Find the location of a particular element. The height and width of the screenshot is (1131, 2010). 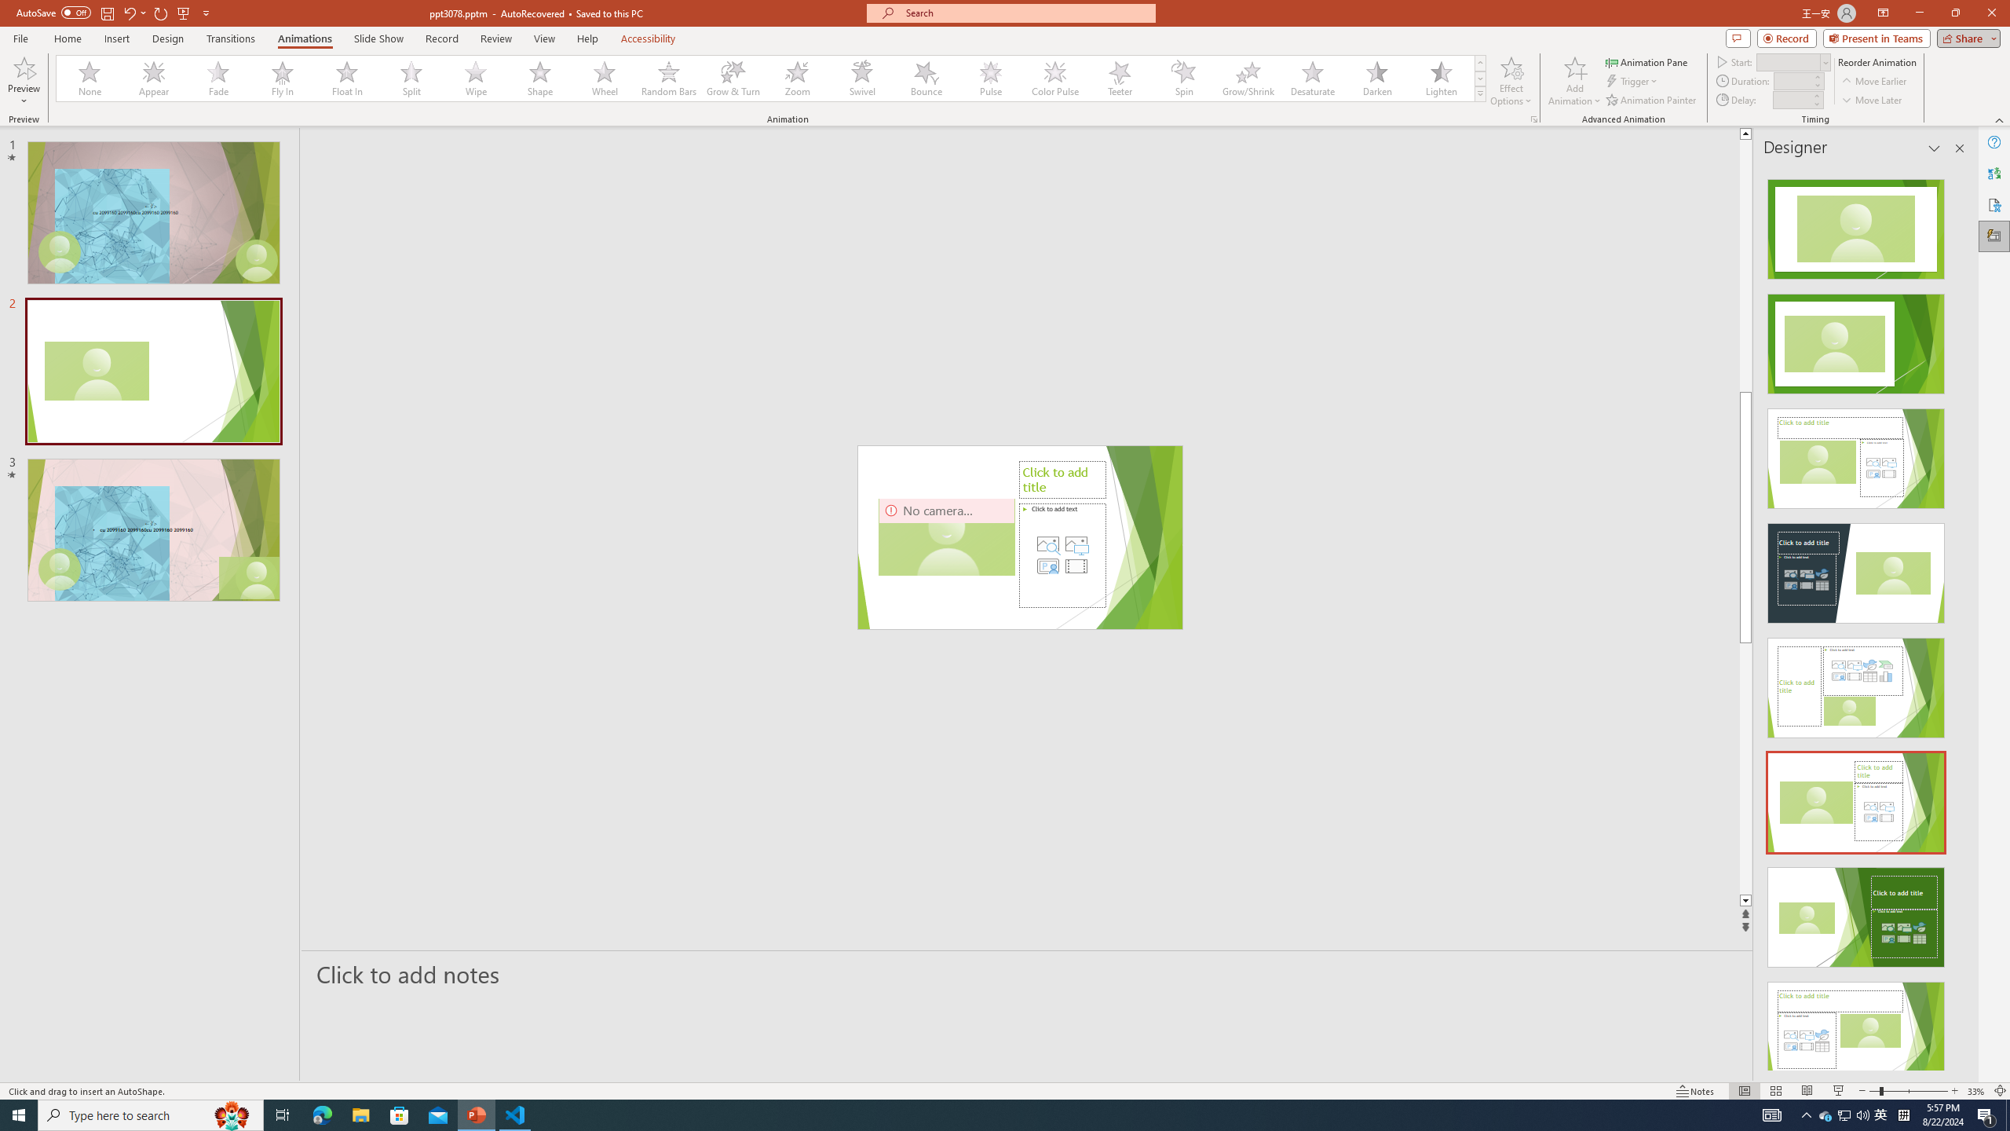

'File Tab' is located at coordinates (20, 37).